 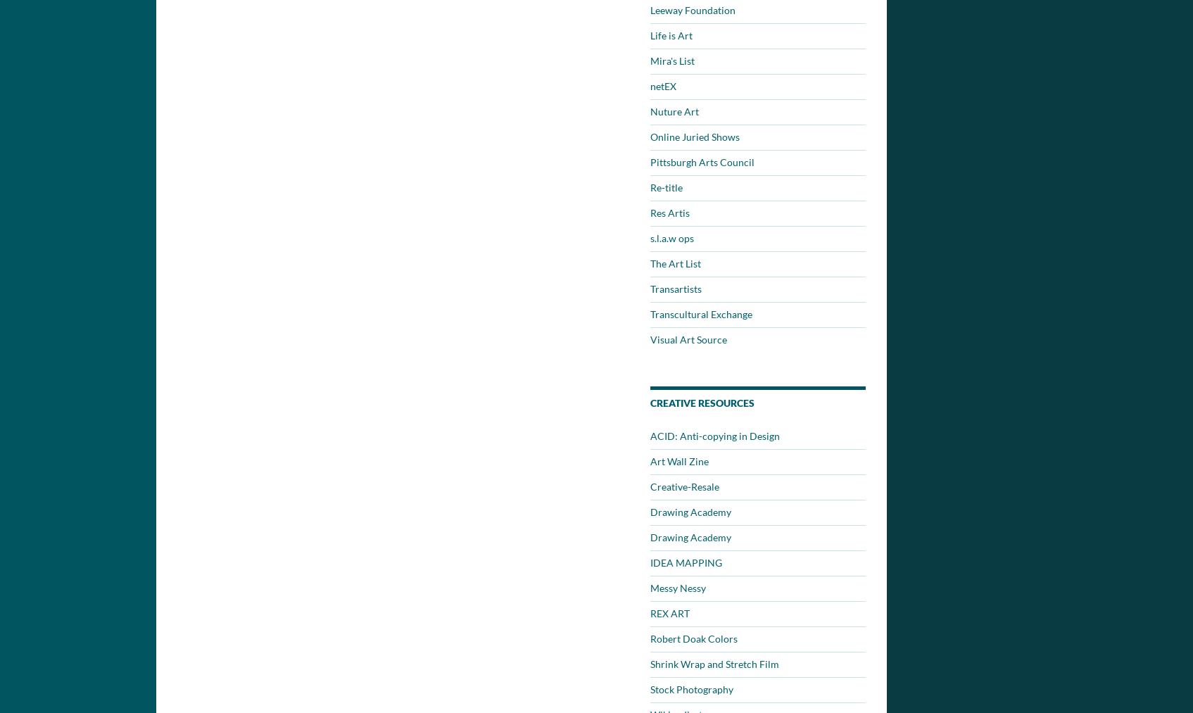 What do you see at coordinates (650, 435) in the screenshot?
I see `'ACID: Anti-copying in Design'` at bounding box center [650, 435].